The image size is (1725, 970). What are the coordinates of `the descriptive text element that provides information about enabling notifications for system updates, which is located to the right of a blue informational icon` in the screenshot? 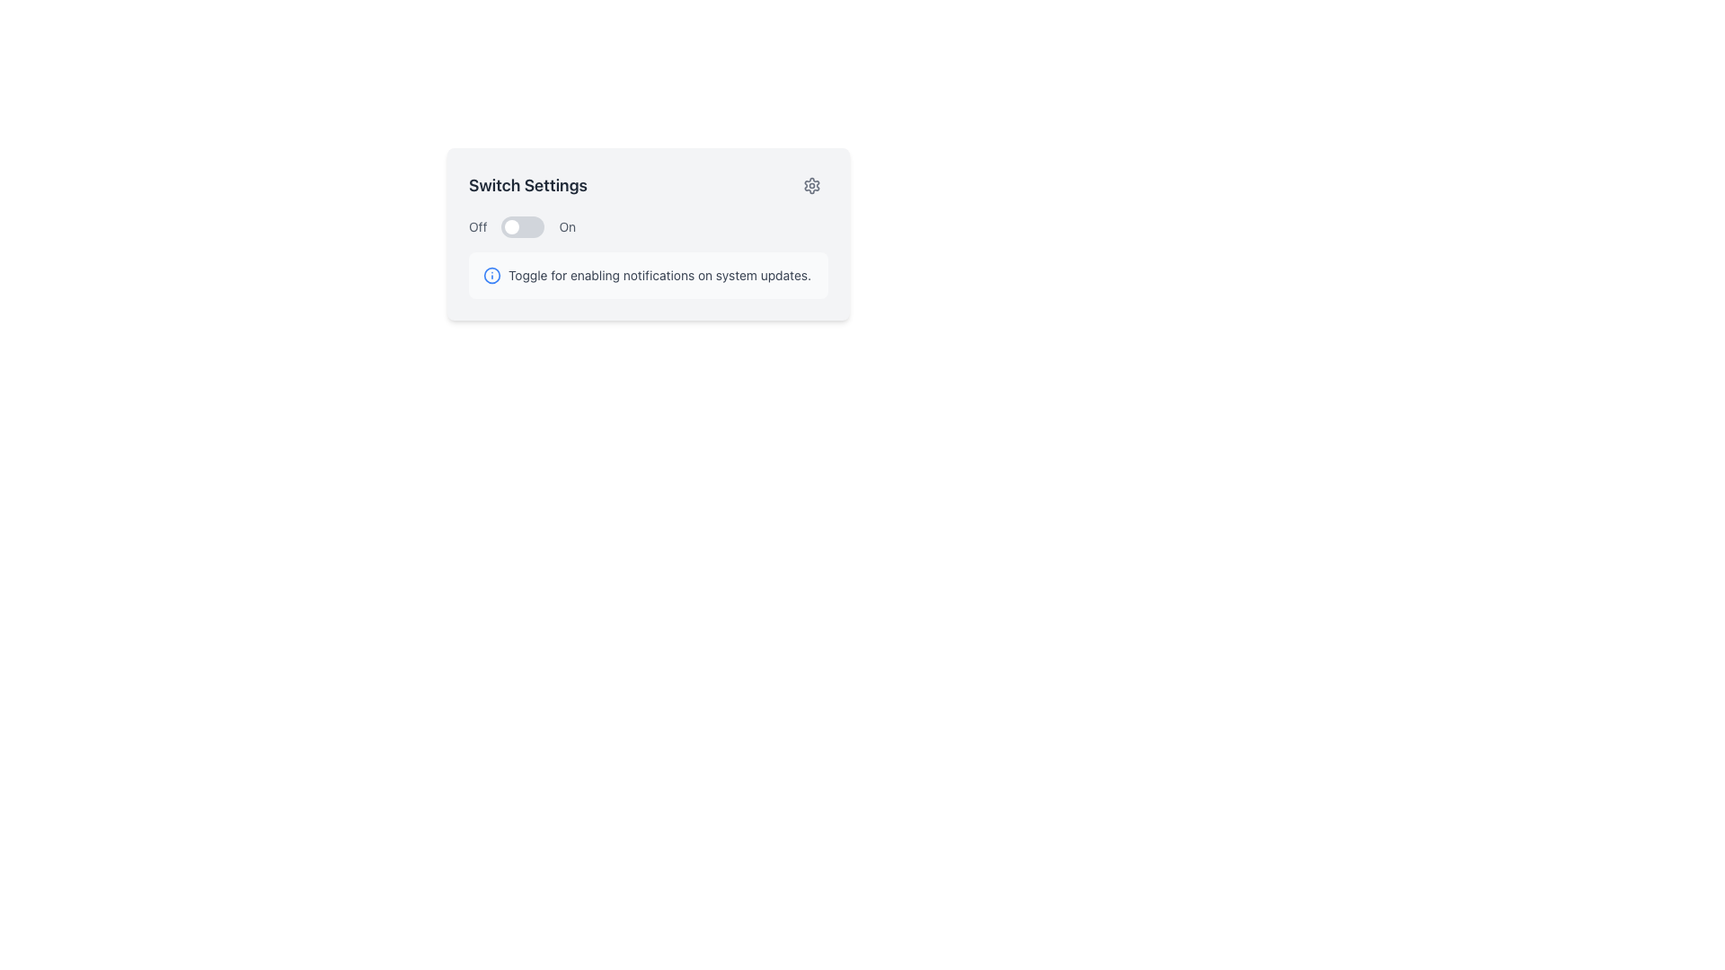 It's located at (647, 276).